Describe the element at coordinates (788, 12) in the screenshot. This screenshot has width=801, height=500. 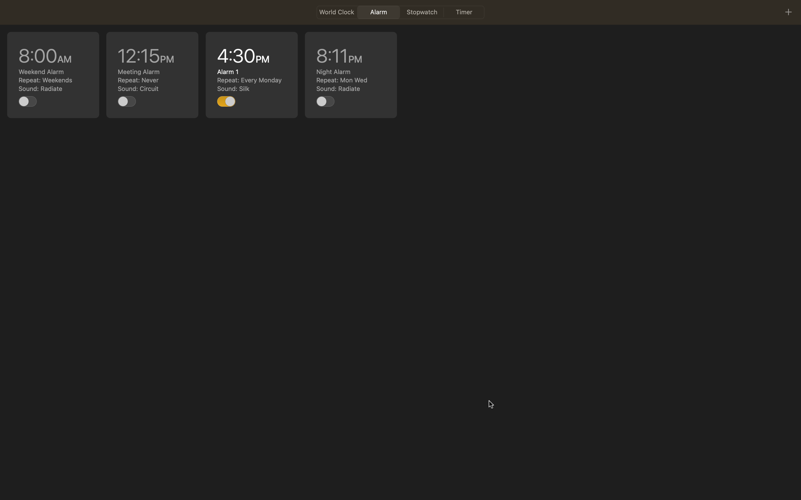
I see `Click the "+" symbol to trigger a new reminder setting` at that location.